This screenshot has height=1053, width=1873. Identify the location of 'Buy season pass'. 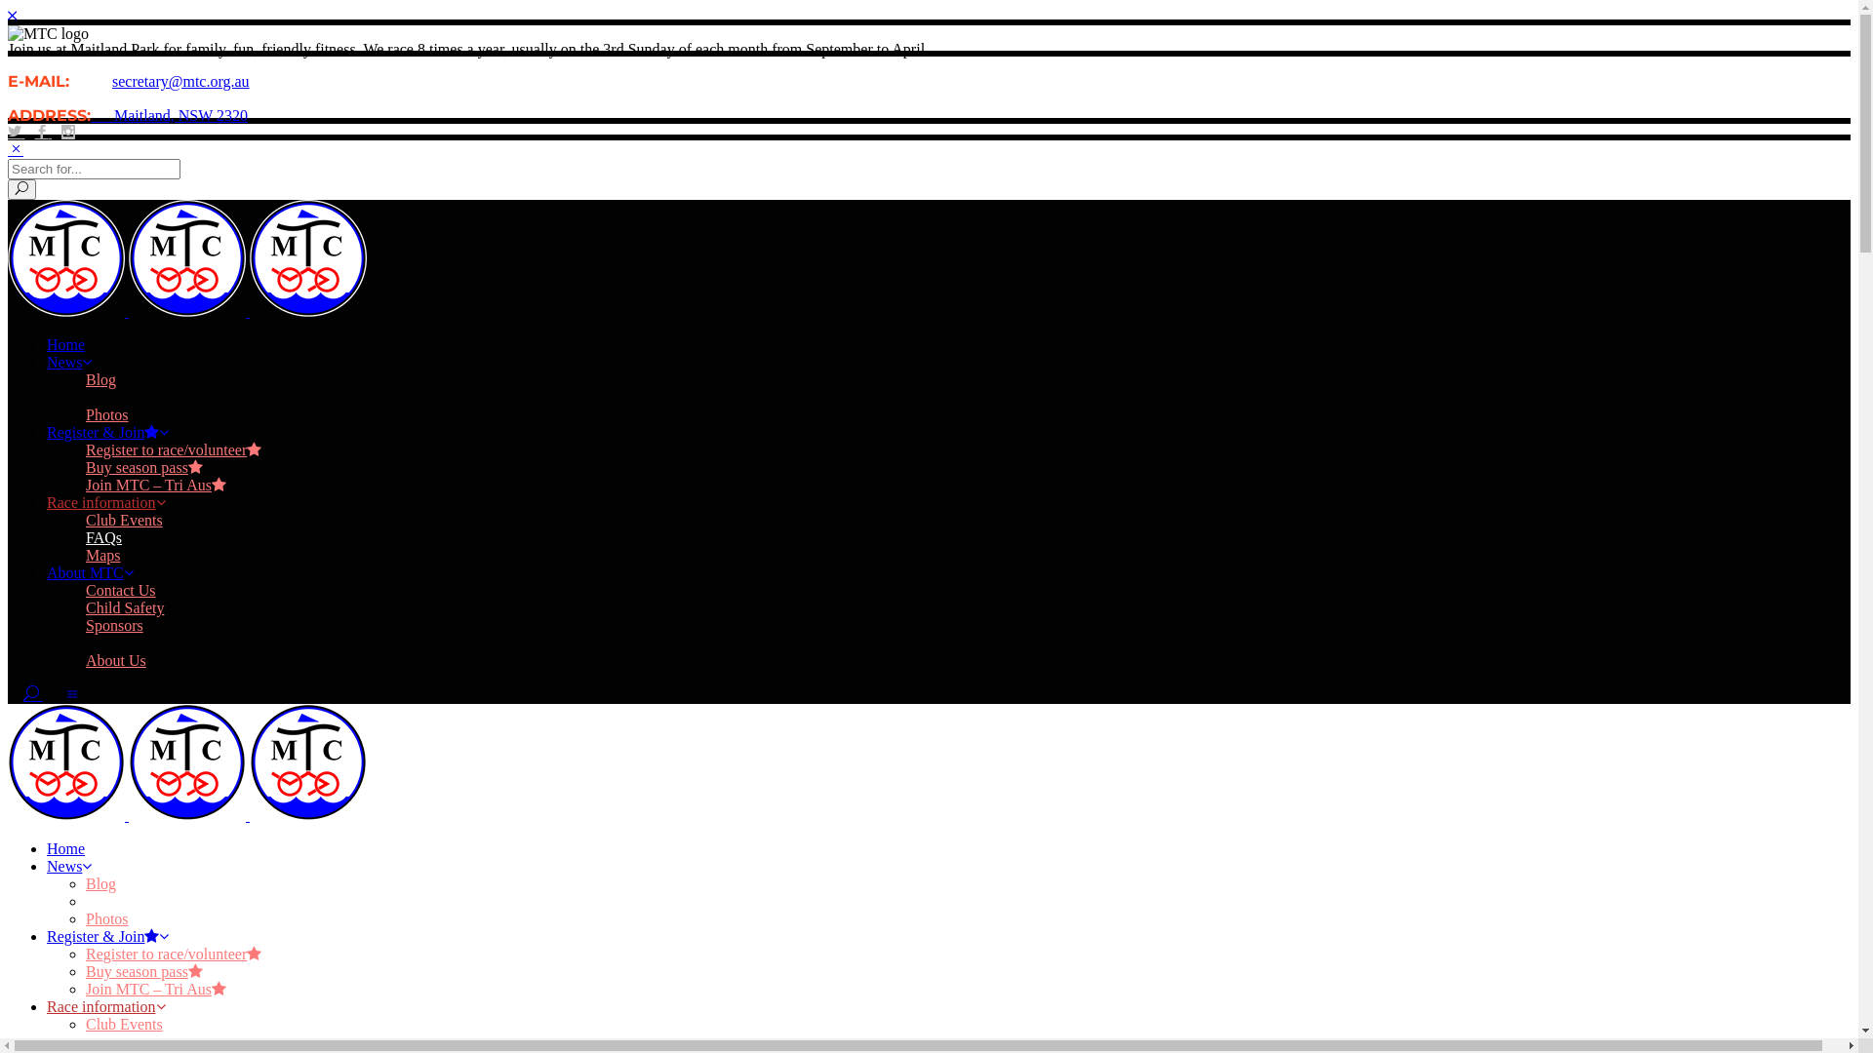
(143, 467).